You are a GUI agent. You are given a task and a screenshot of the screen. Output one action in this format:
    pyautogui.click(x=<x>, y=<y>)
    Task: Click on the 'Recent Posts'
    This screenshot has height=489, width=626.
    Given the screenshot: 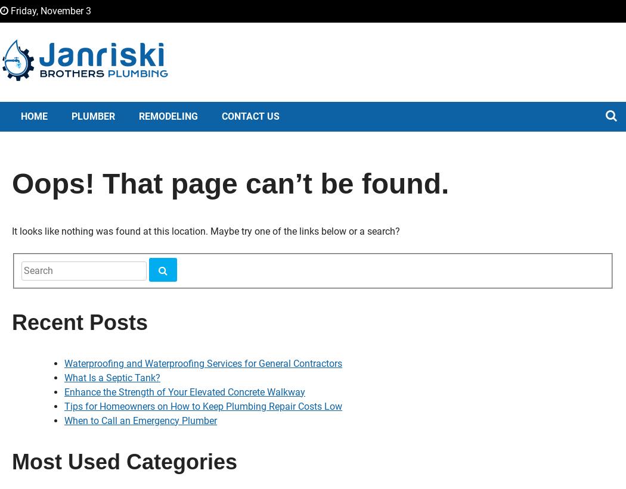 What is the action you would take?
    pyautogui.click(x=11, y=322)
    